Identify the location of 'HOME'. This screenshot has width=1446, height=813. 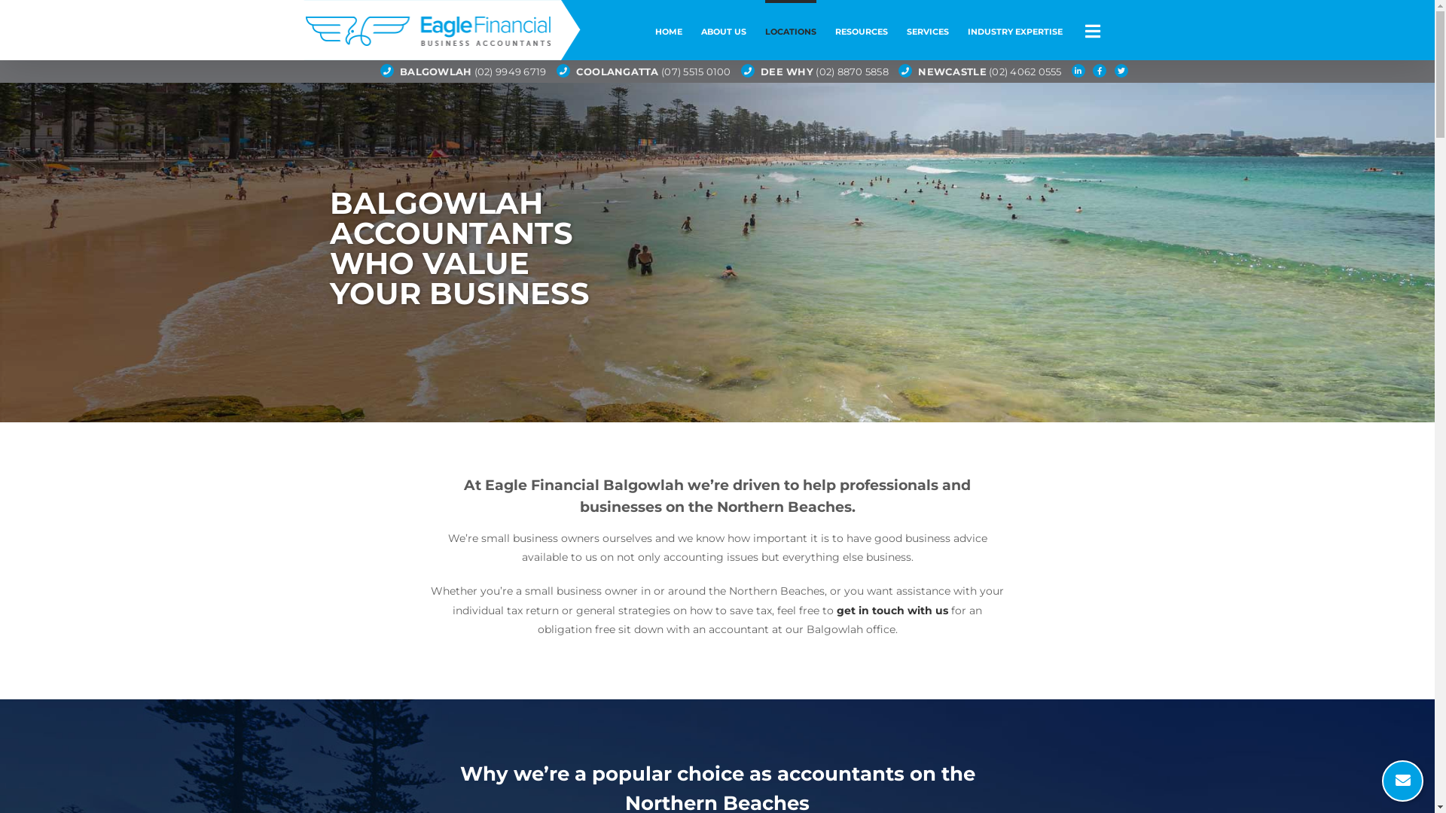
(668, 29).